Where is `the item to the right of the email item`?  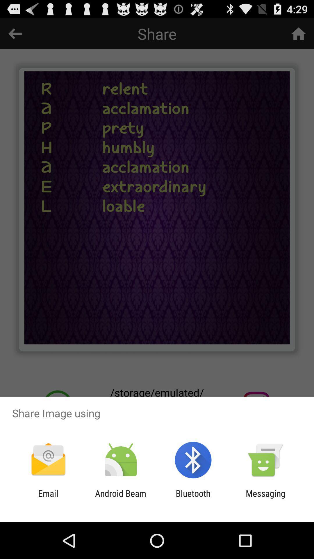
the item to the right of the email item is located at coordinates (120, 498).